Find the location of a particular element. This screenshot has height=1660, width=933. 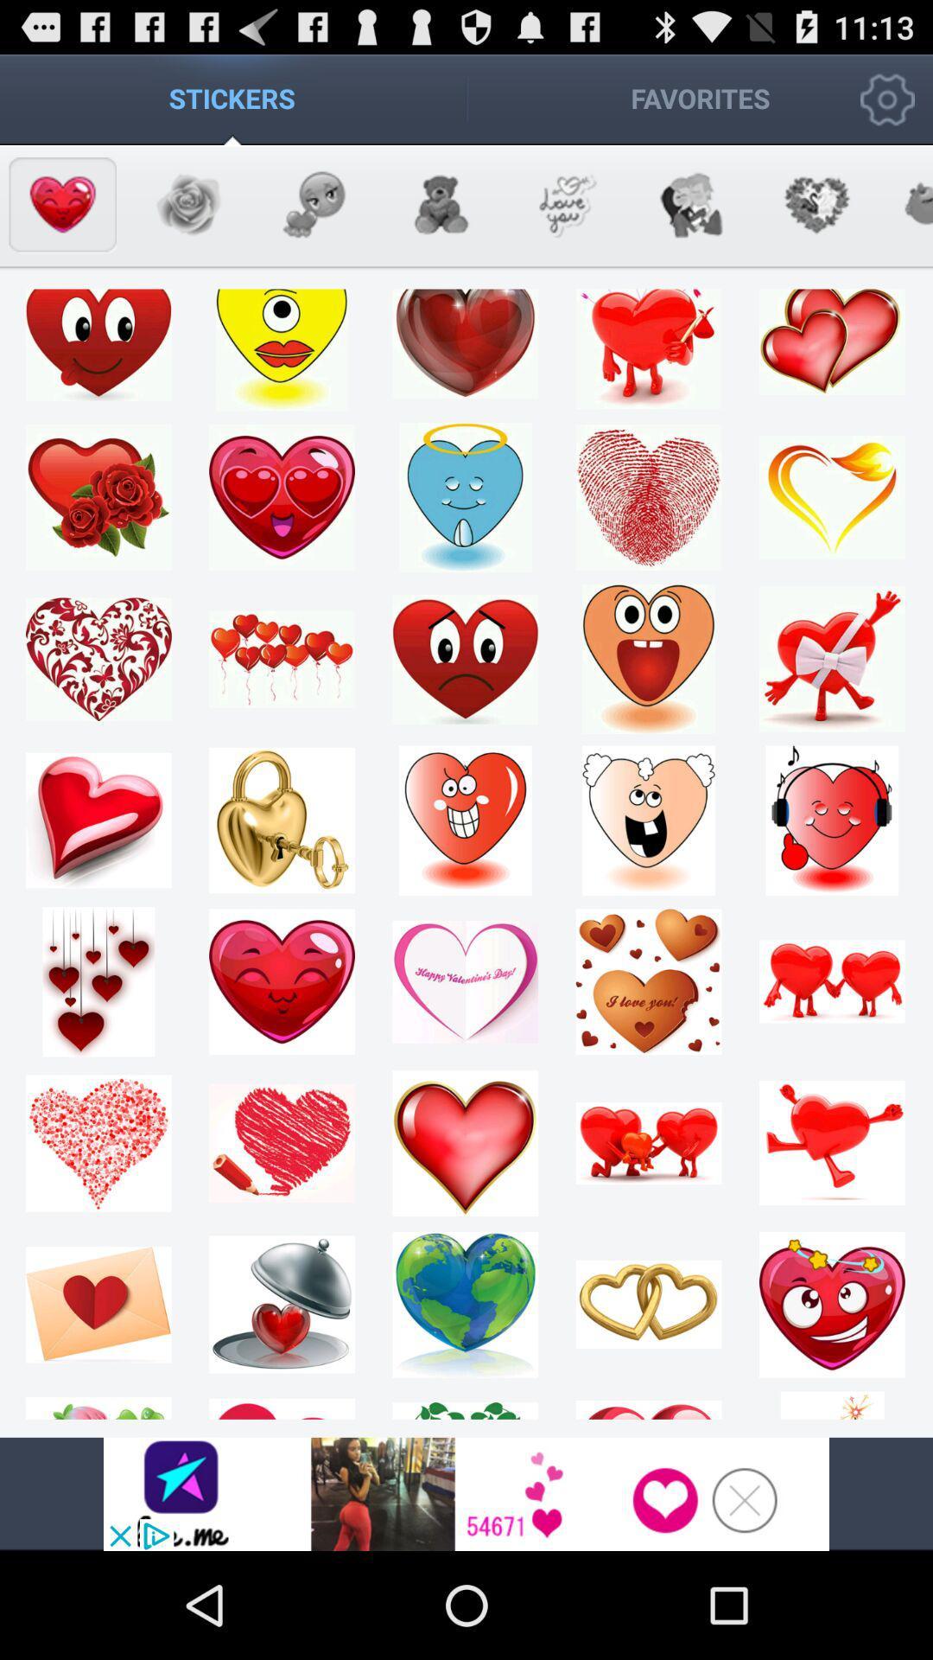

the emoji icon is located at coordinates (314, 219).